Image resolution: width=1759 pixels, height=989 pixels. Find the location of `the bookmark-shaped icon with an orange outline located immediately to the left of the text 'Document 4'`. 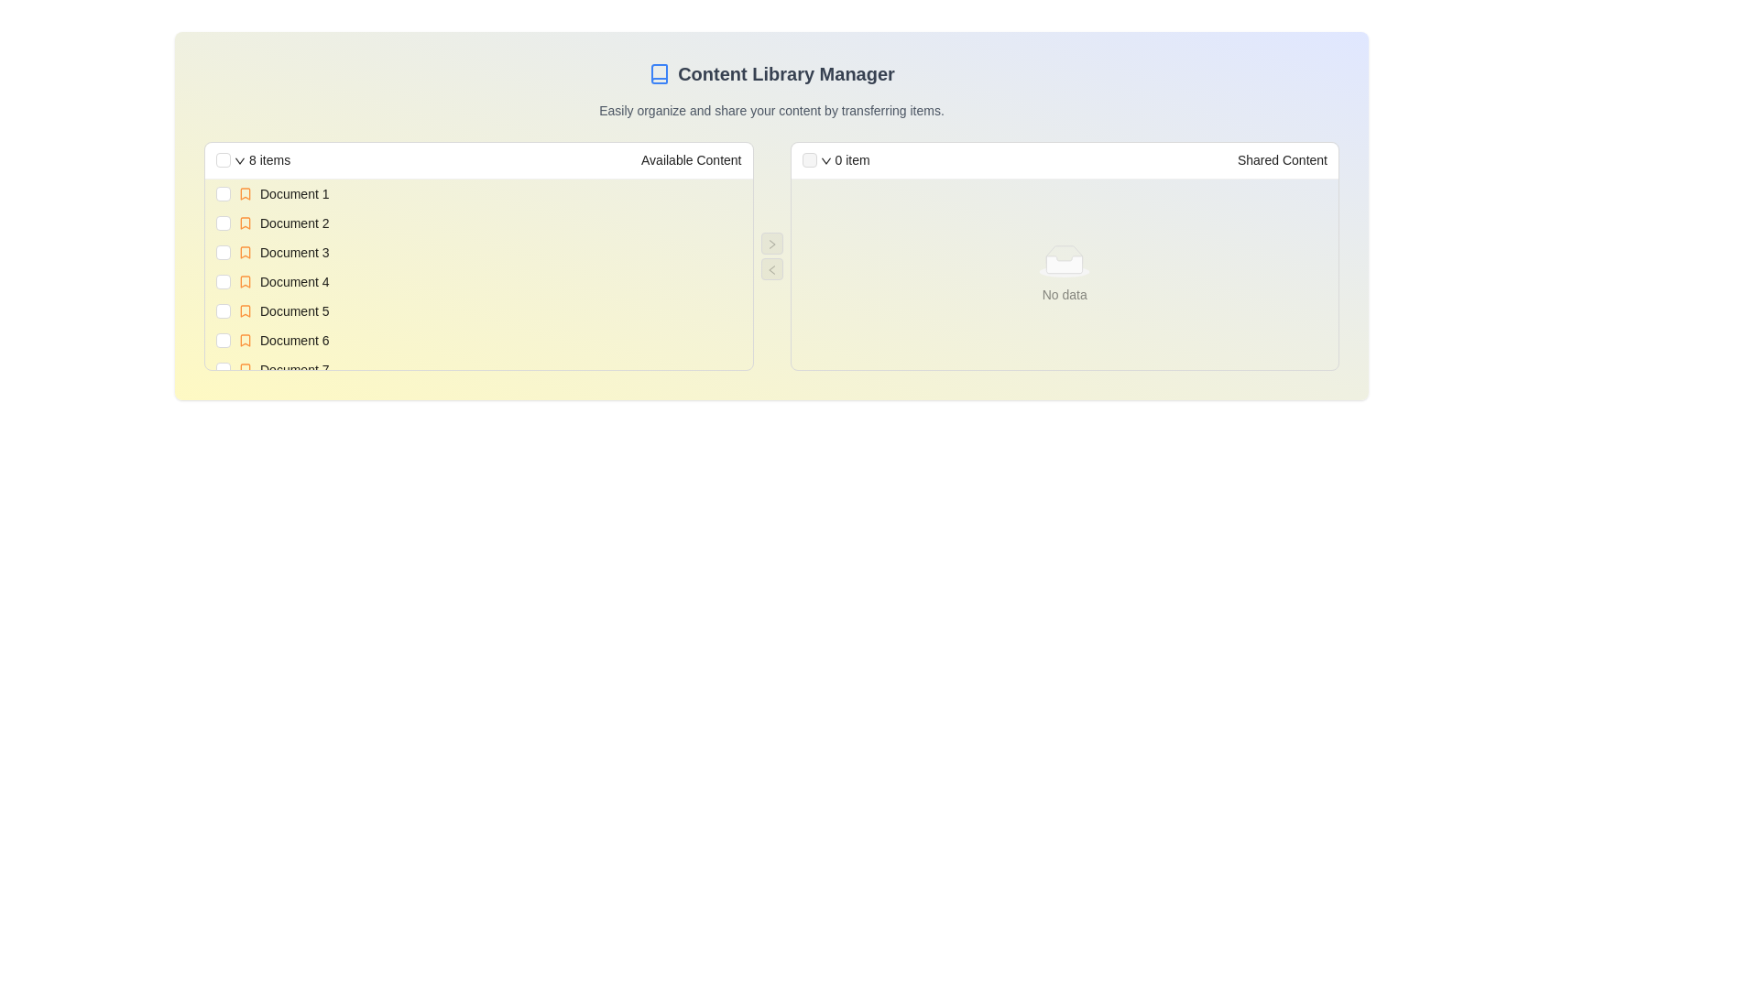

the bookmark-shaped icon with an orange outline located immediately to the left of the text 'Document 4' is located at coordinates (245, 282).